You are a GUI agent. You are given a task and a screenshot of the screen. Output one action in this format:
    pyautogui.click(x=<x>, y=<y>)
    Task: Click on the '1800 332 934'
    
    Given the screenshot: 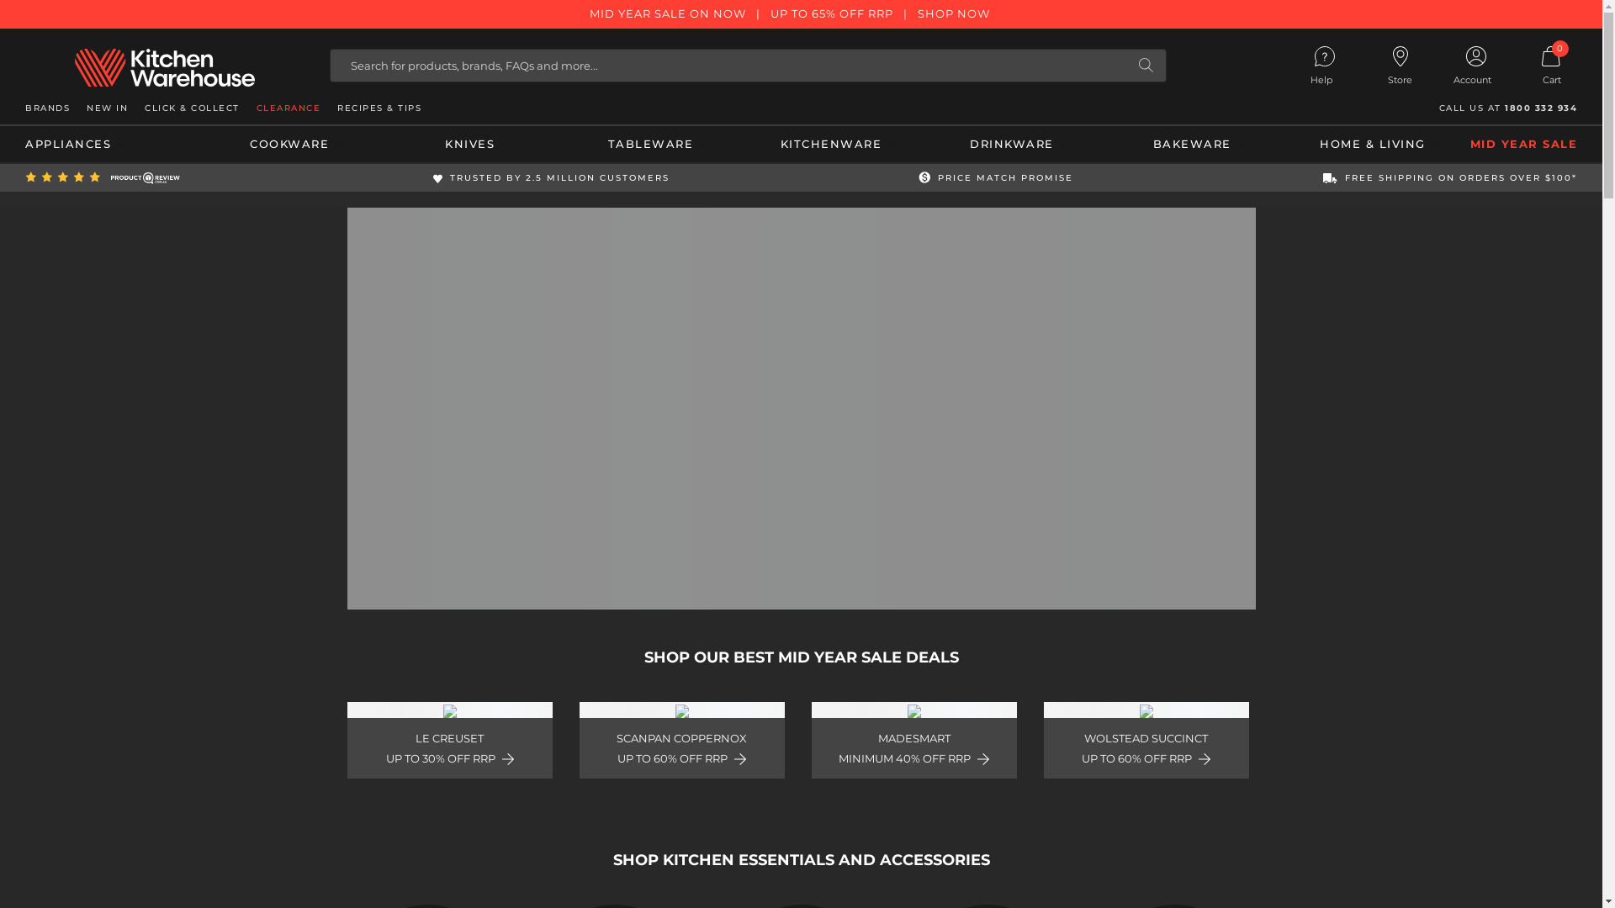 What is the action you would take?
    pyautogui.click(x=1541, y=108)
    